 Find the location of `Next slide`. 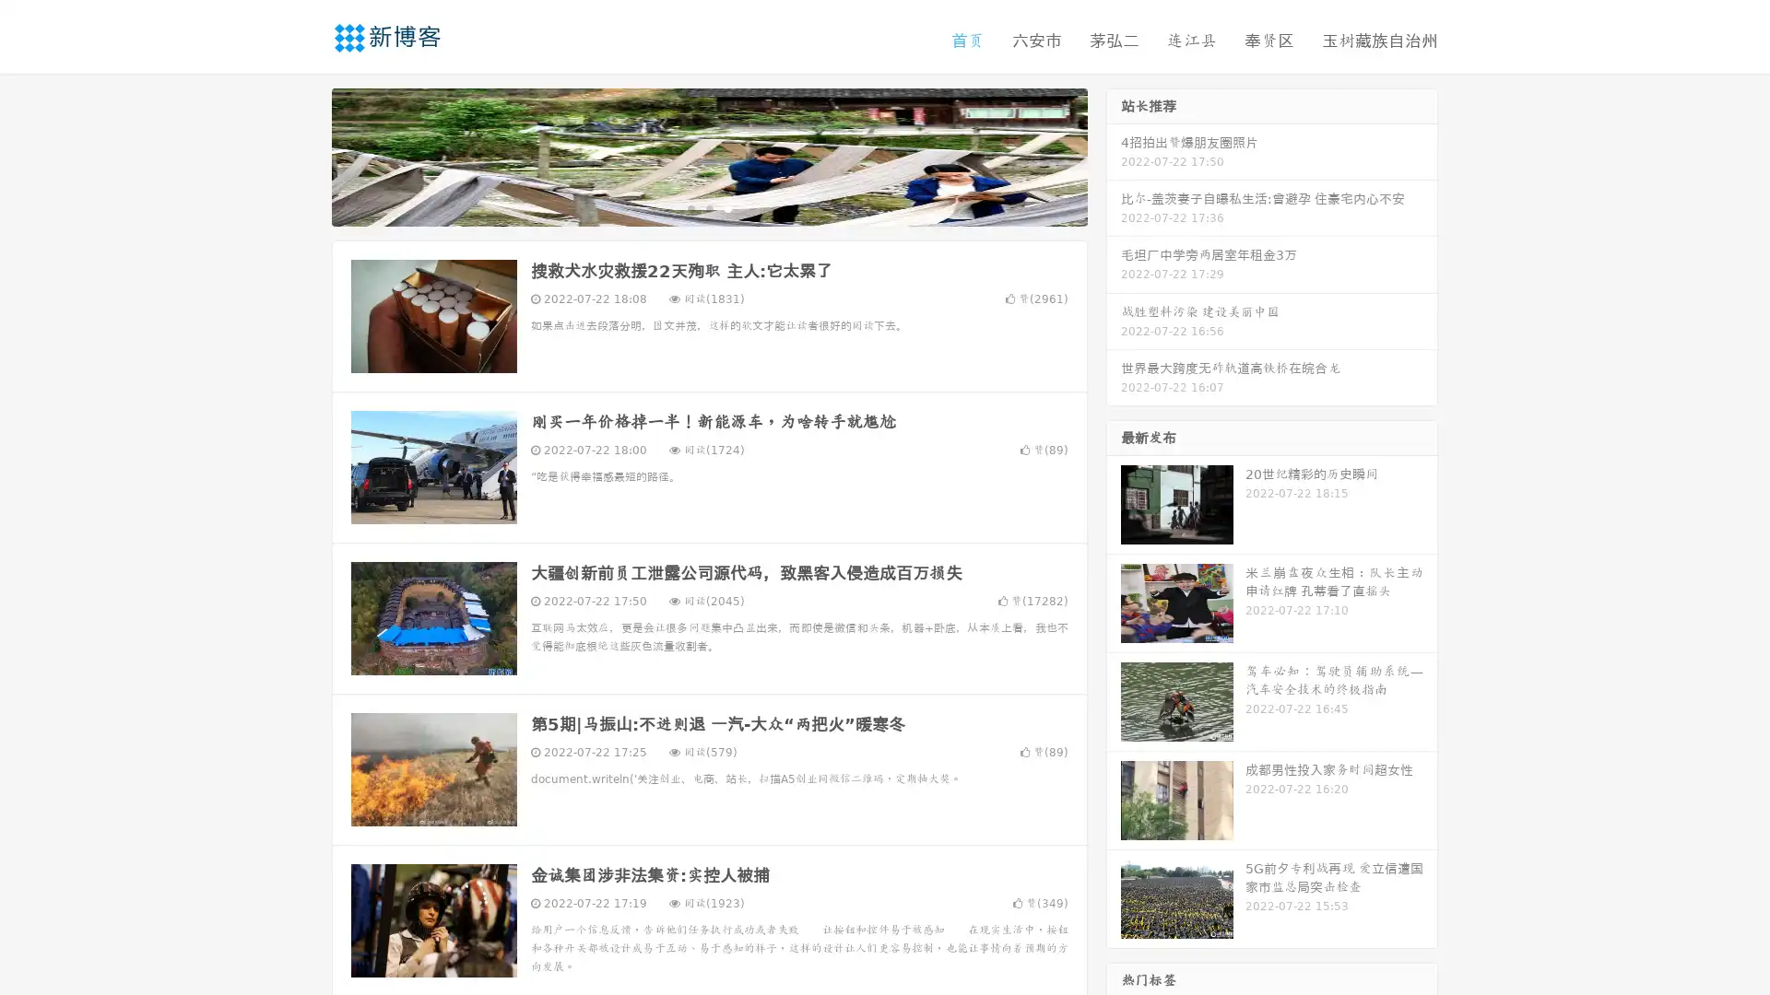

Next slide is located at coordinates (1114, 155).